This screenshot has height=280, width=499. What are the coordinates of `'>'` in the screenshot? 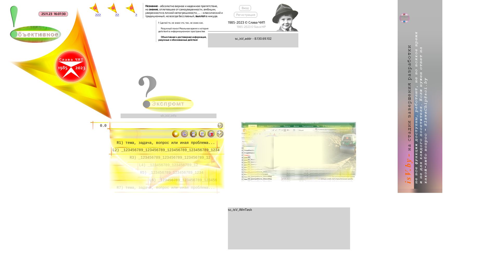 It's located at (136, 20).